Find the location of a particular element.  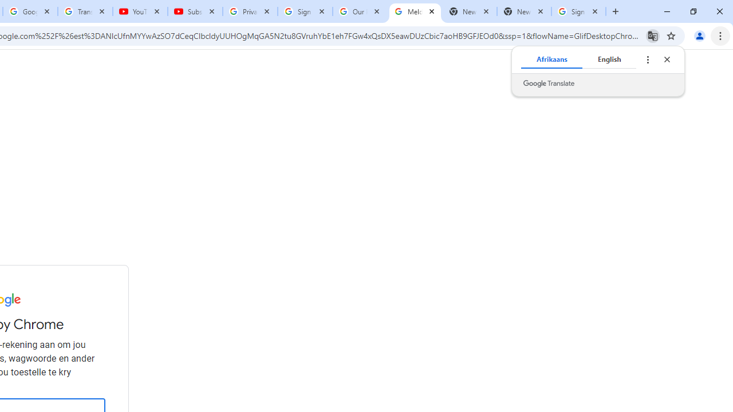

'Subscriptions - YouTube' is located at coordinates (195, 11).